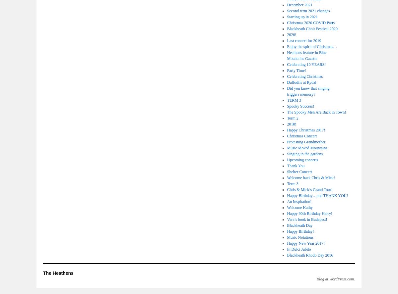  I want to click on 'Happy 90th Birthday Harry!', so click(309, 213).